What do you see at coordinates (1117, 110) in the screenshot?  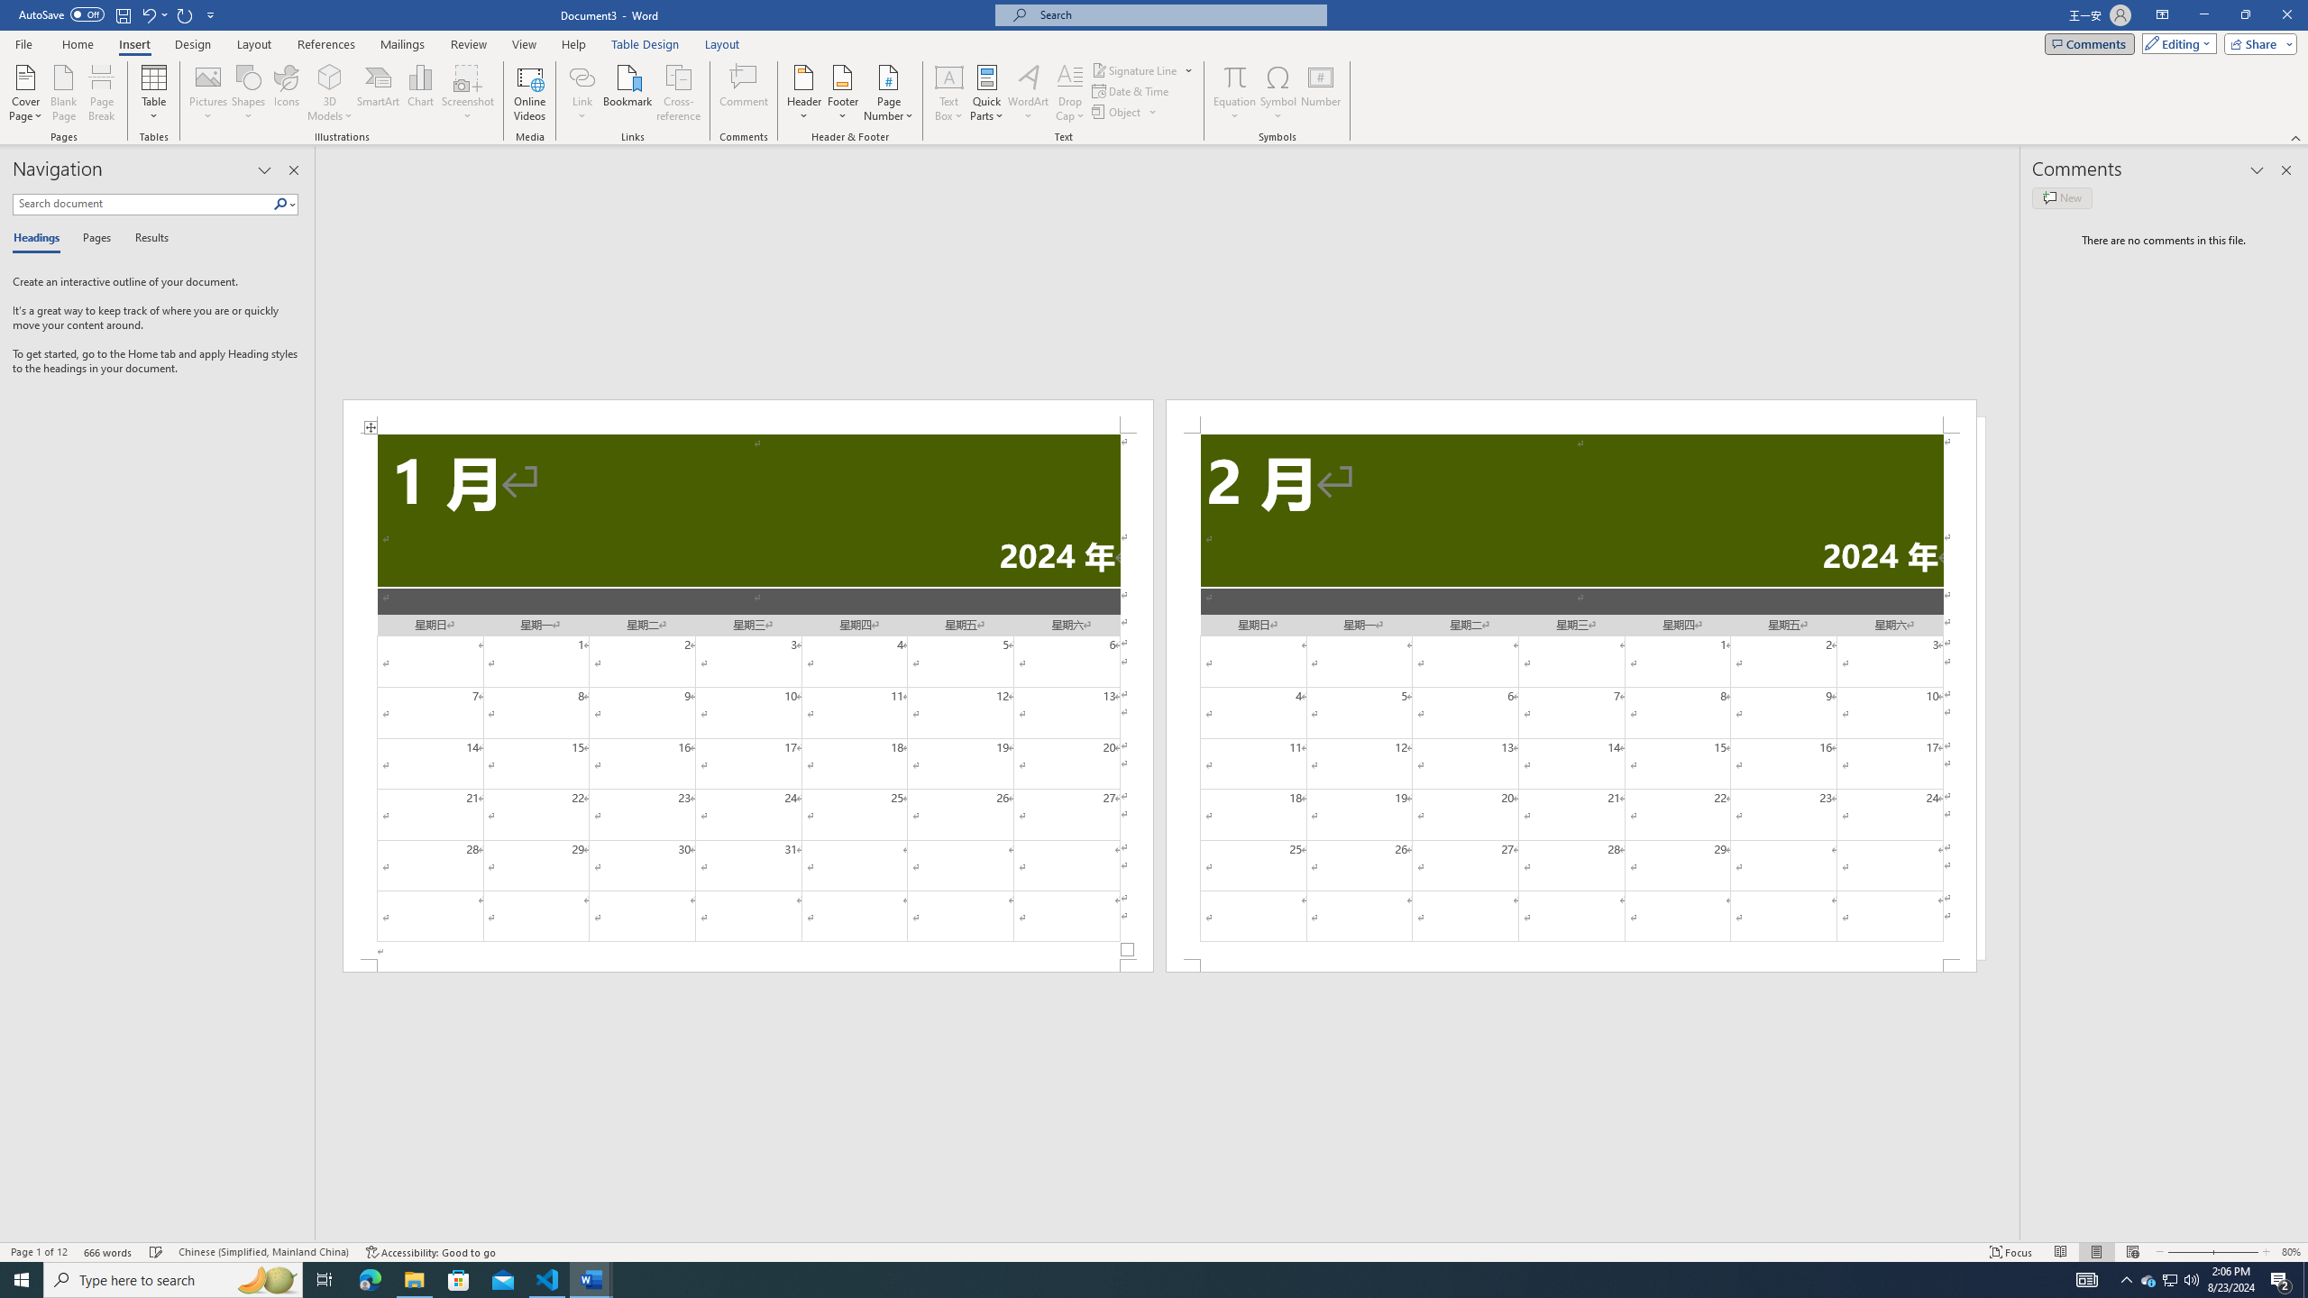 I see `'Object...'` at bounding box center [1117, 110].